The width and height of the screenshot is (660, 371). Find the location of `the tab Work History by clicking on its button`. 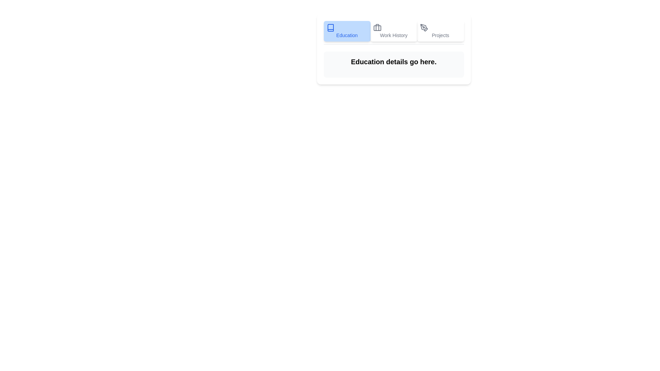

the tab Work History by clicking on its button is located at coordinates (394, 31).